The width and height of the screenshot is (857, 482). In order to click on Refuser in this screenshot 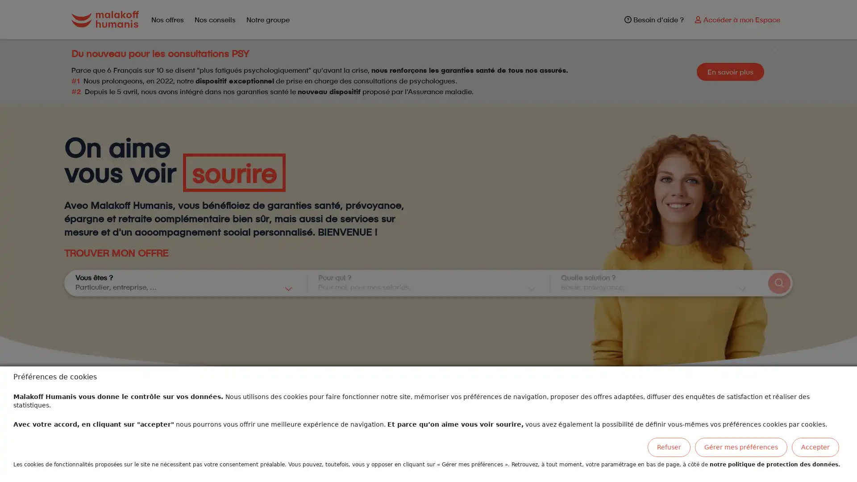, I will do `click(669, 447)`.